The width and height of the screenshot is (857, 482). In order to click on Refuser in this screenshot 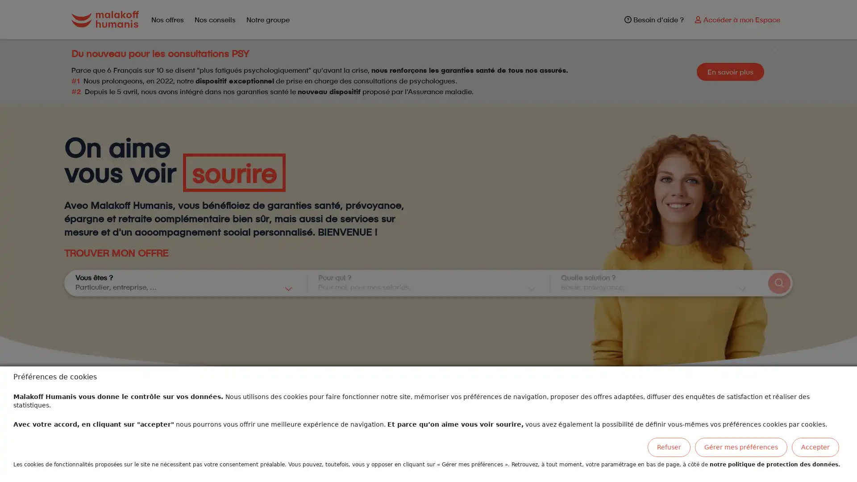, I will do `click(669, 447)`.